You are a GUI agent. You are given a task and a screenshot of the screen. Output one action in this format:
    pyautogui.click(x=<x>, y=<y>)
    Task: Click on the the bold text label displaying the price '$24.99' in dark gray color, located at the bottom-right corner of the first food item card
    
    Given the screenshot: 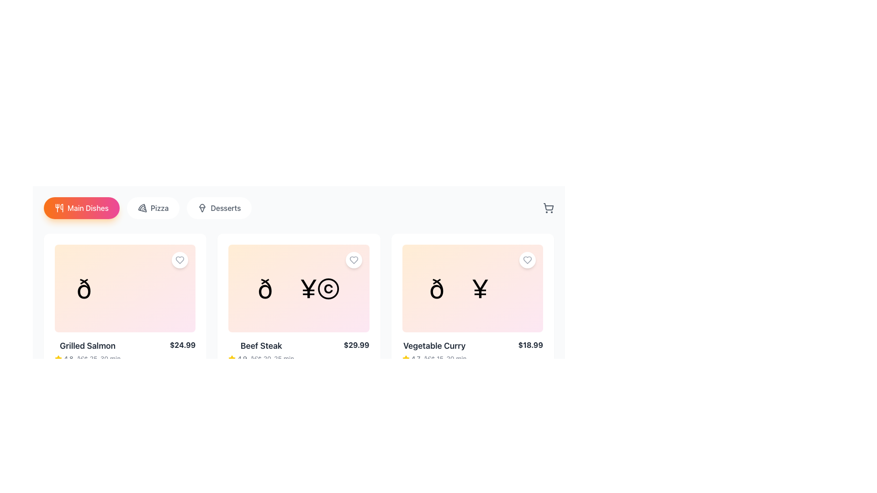 What is the action you would take?
    pyautogui.click(x=183, y=345)
    